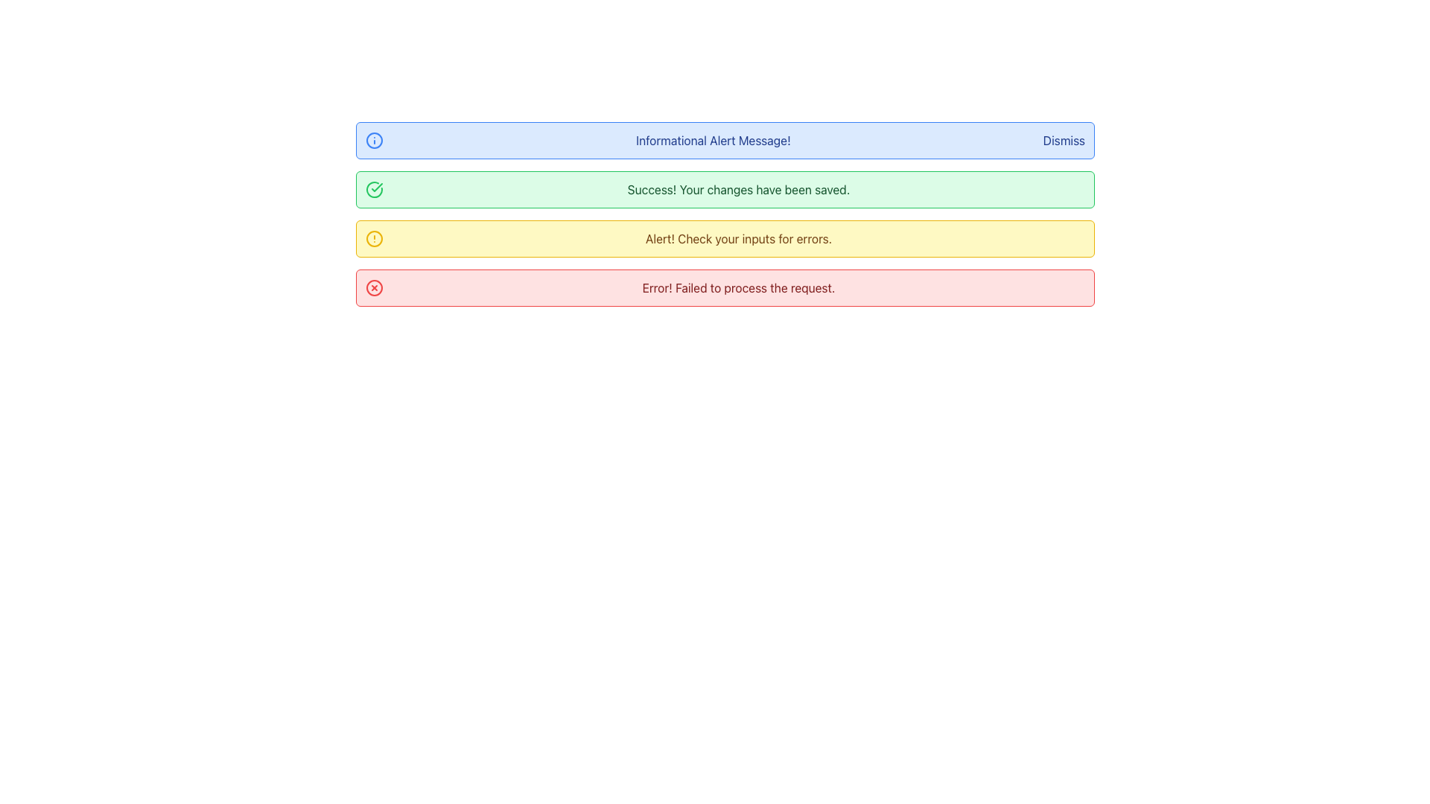  I want to click on warning message displayed in the yellow alert box, which is the third notification from the top, so click(739, 237).